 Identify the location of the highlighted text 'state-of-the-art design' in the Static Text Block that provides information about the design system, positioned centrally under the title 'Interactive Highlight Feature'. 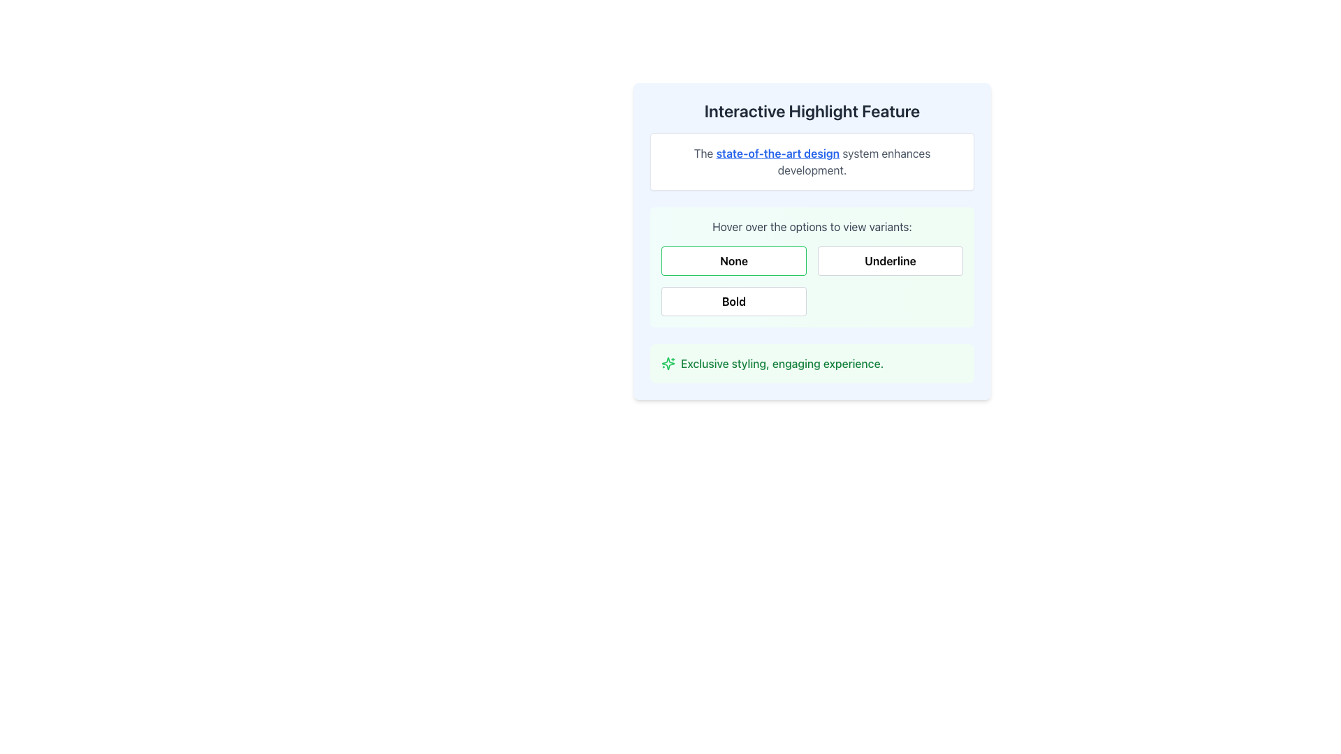
(812, 161).